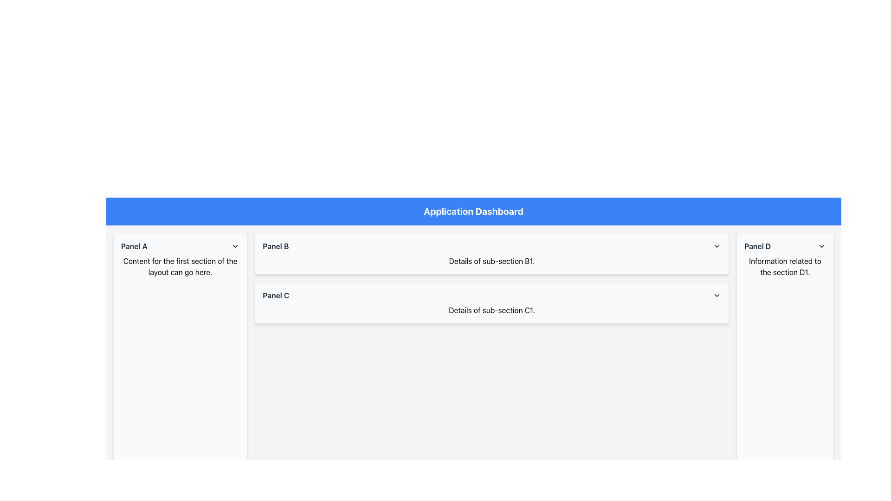 This screenshot has width=891, height=501. I want to click on the chevron icon located at the top-right corner of the 'Panel D' header section, so click(822, 246).